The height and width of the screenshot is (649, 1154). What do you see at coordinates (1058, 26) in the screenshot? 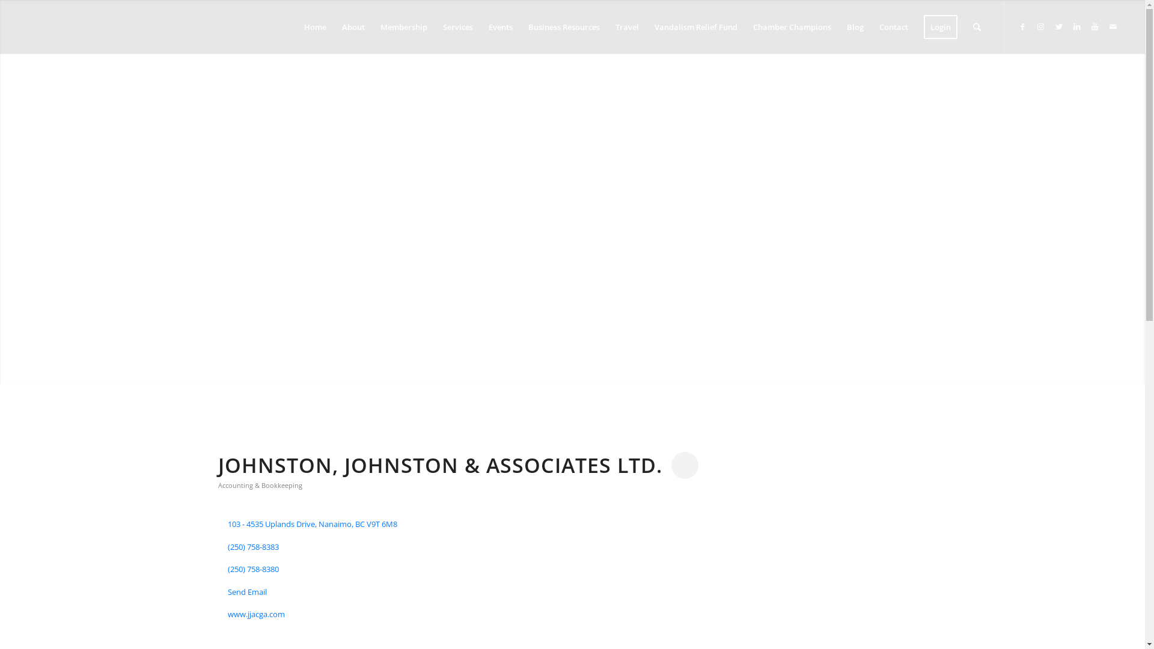
I see `'Twitter'` at bounding box center [1058, 26].